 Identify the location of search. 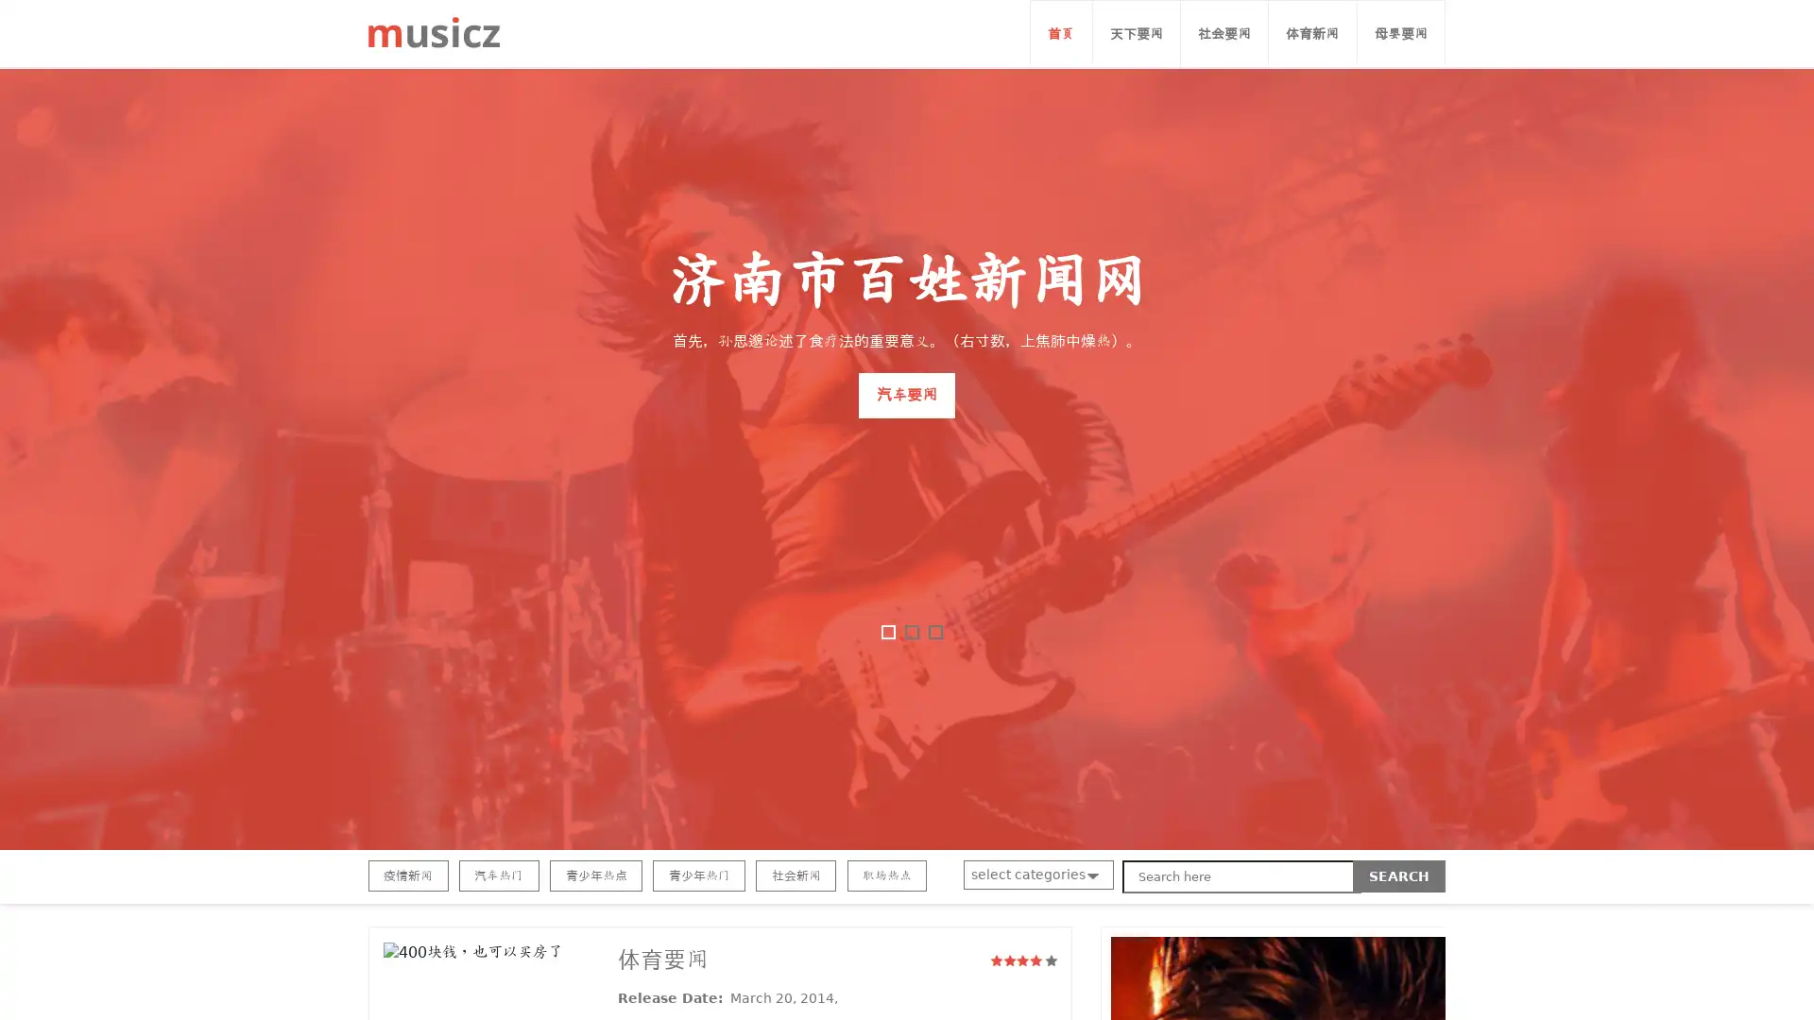
(1399, 876).